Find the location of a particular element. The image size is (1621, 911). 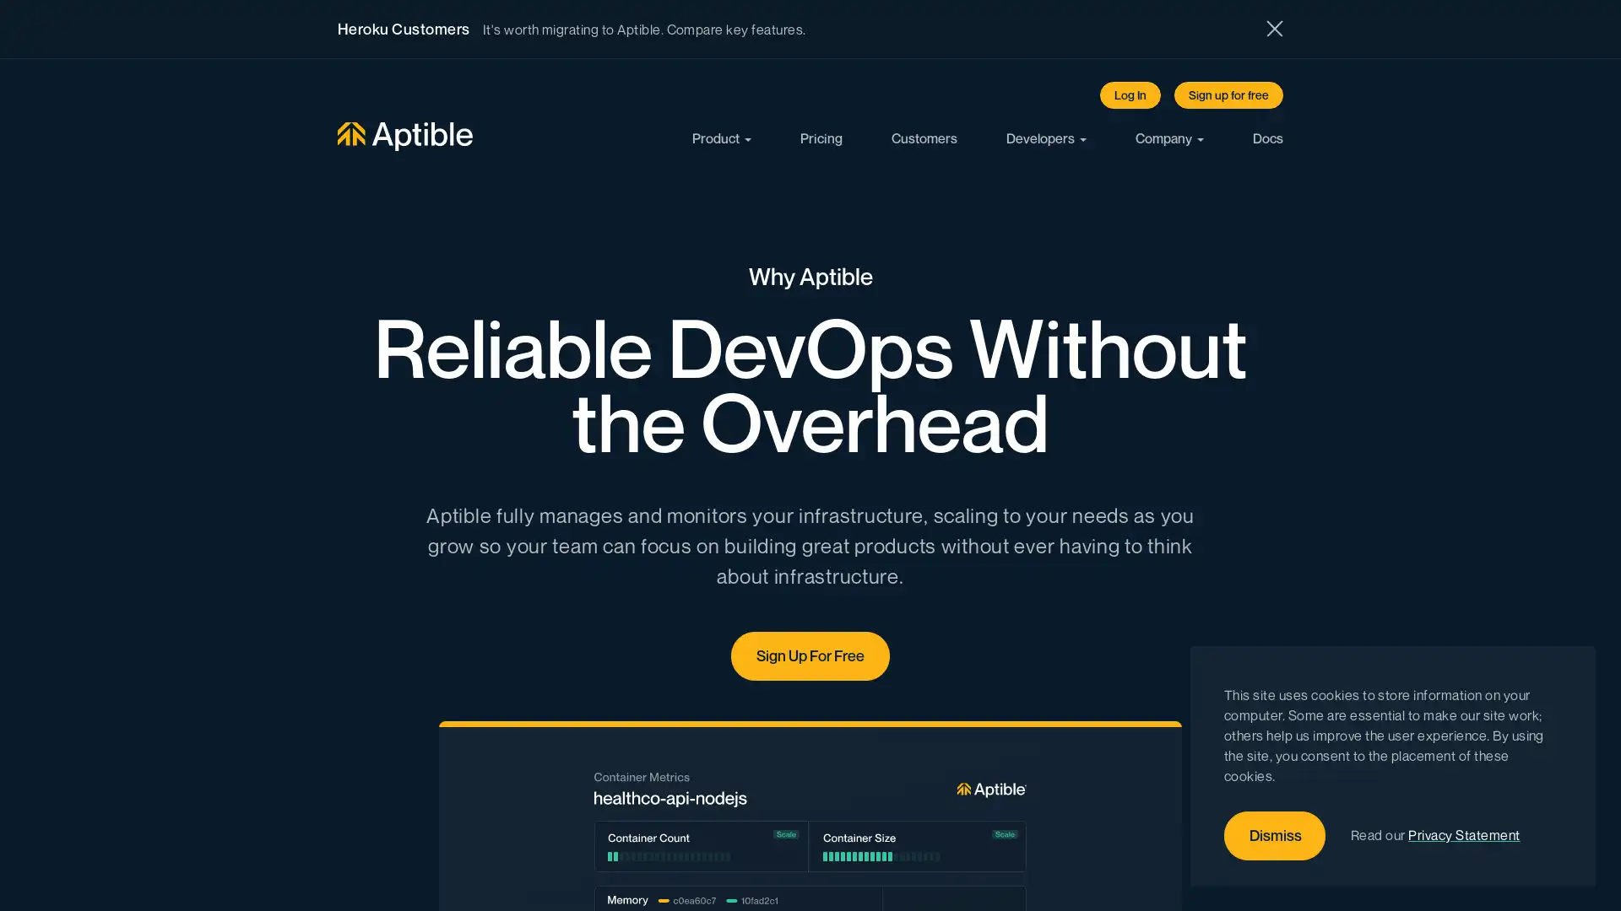

Sign up for free is located at coordinates (1228, 94).